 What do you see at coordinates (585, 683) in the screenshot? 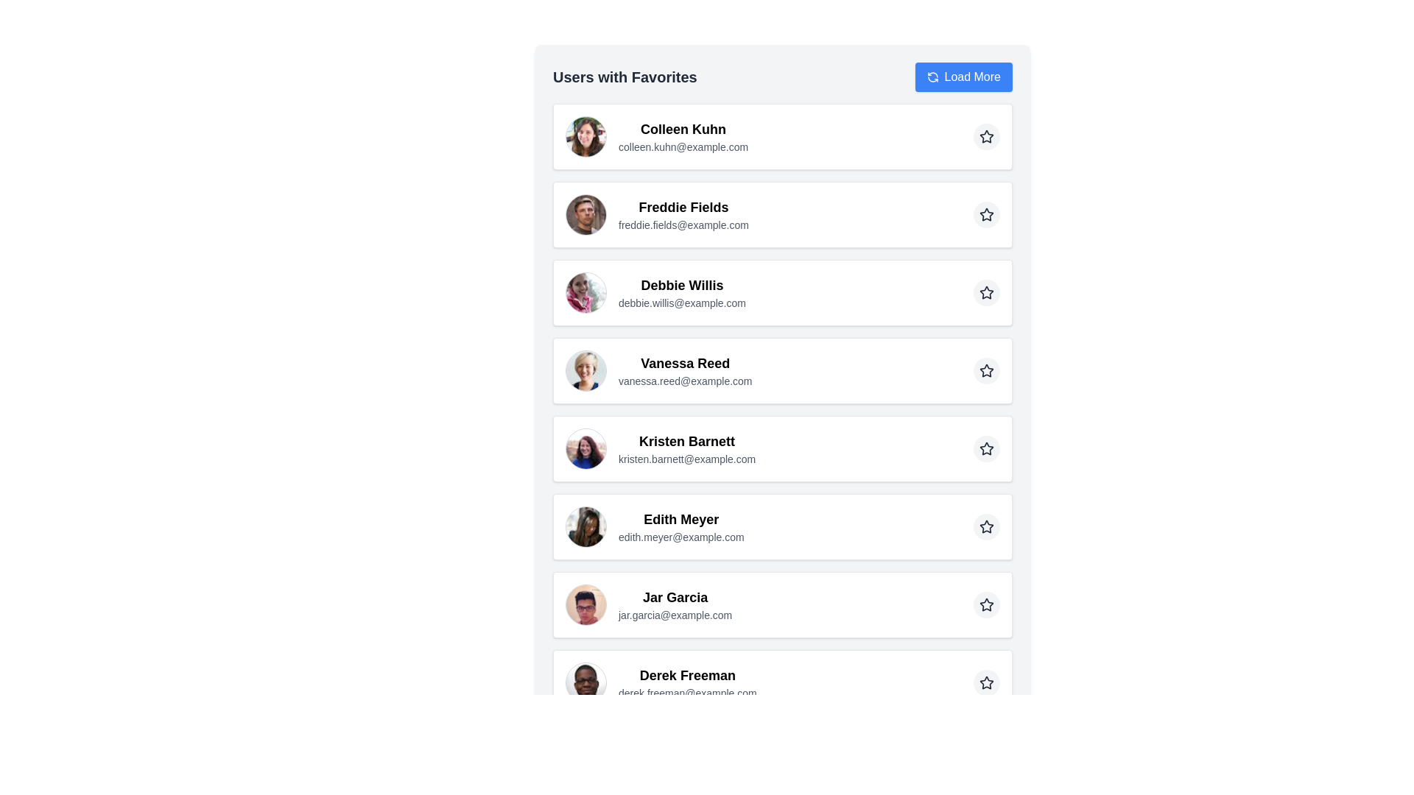
I see `the circular user avatar image for 'Derek Freeman', which is the leftmost element in the user details row` at bounding box center [585, 683].